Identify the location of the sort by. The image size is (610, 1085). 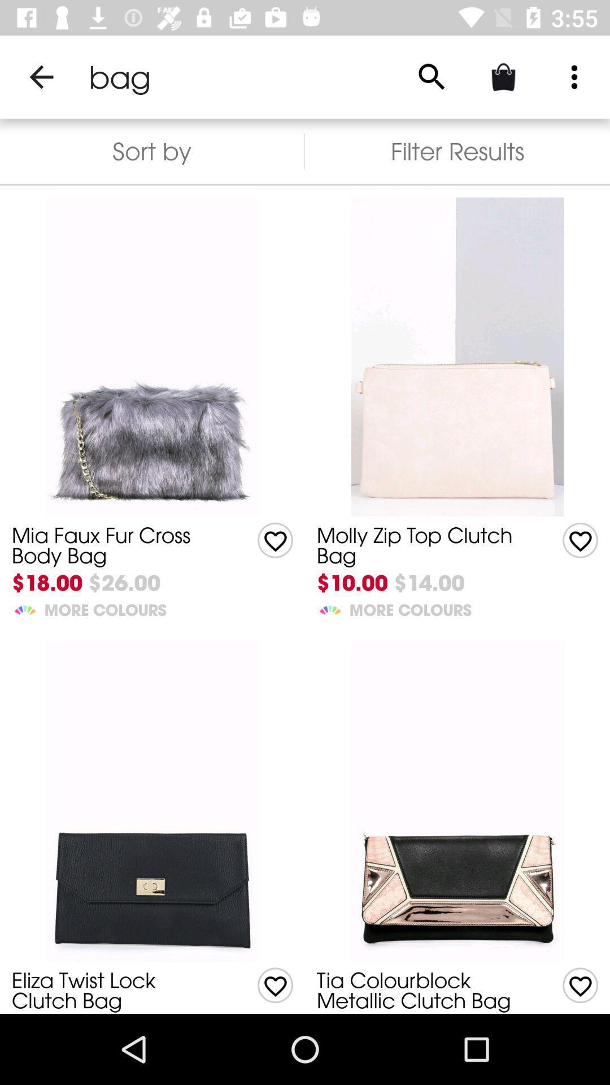
(151, 150).